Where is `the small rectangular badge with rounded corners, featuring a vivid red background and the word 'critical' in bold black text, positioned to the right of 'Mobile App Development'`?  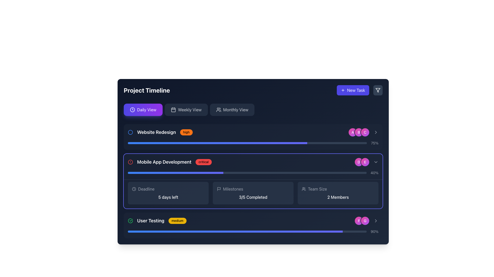 the small rectangular badge with rounded corners, featuring a vivid red background and the word 'critical' in bold black text, positioned to the right of 'Mobile App Development' is located at coordinates (203, 162).